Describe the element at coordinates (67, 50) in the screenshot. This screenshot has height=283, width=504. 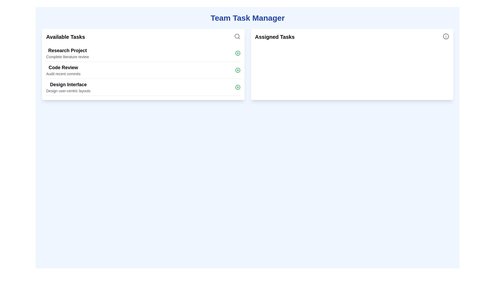
I see `the Text Label indicating the name of a task or project in the upper-left corner of the 'Available Tasks' section` at that location.